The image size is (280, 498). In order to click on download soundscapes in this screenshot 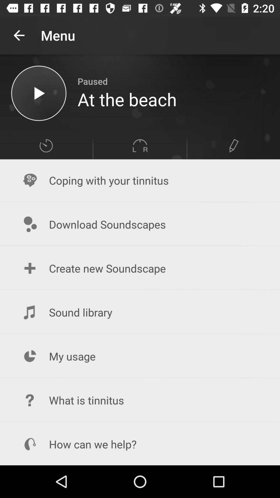, I will do `click(140, 224)`.